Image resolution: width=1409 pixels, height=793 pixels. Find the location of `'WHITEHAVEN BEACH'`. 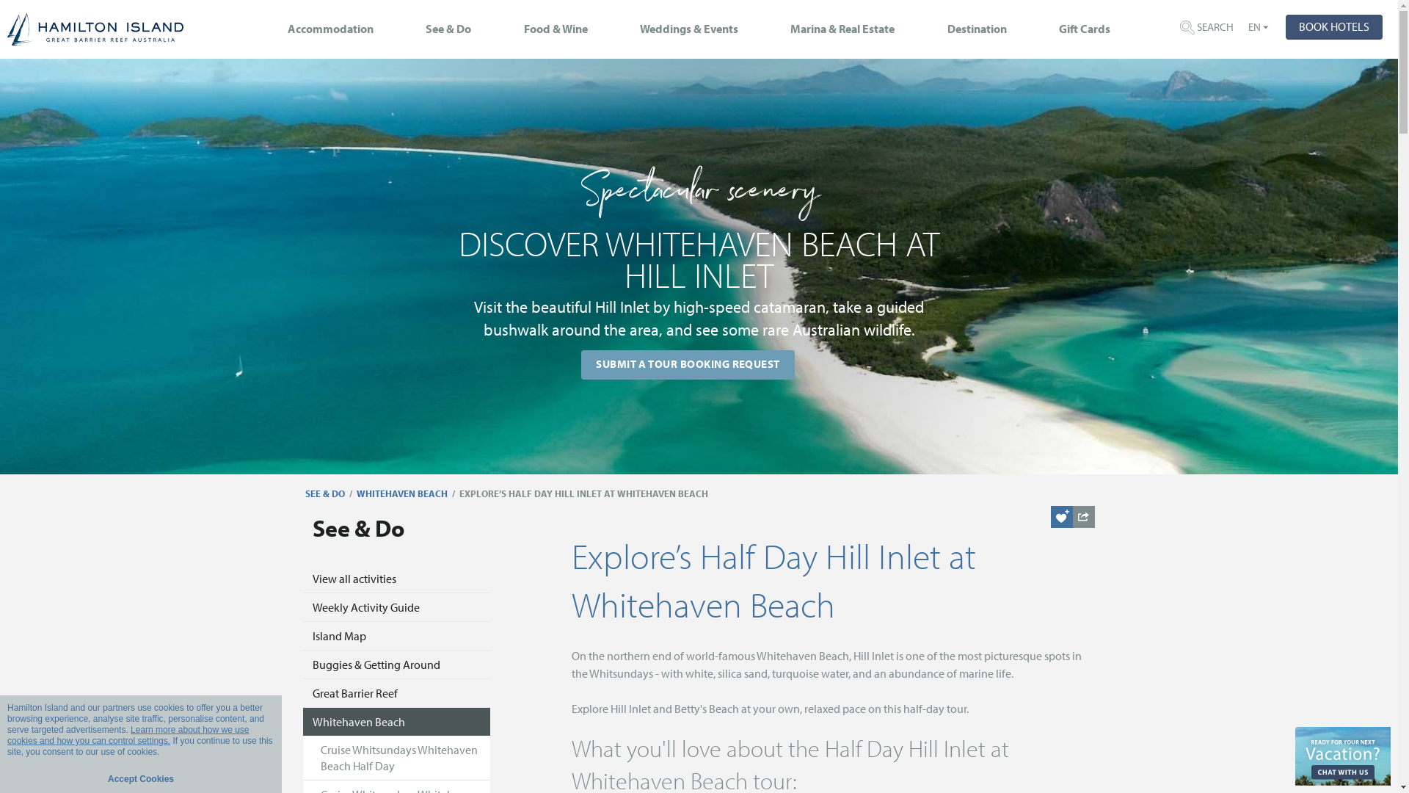

'WHITEHAVEN BEACH' is located at coordinates (356, 493).